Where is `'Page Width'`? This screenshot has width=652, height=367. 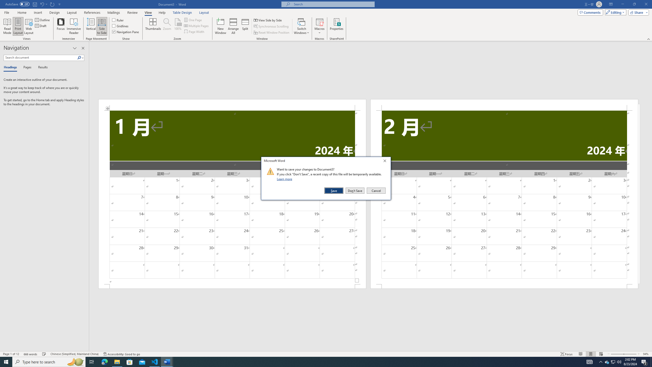 'Page Width' is located at coordinates (194, 31).